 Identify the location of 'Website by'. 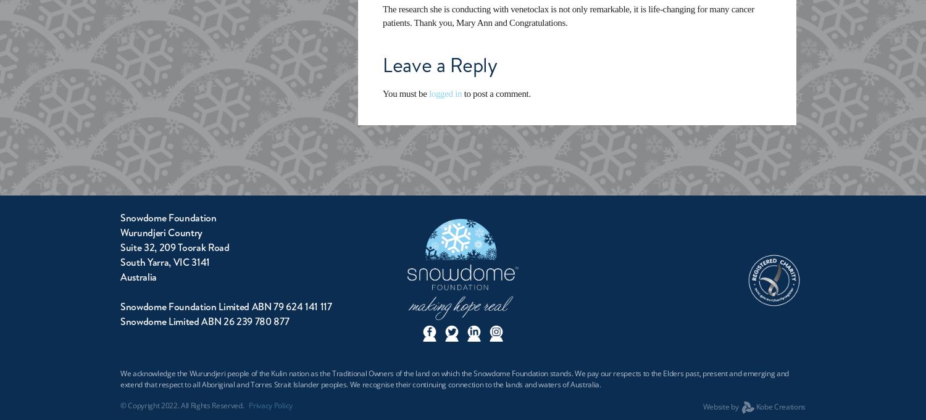
(721, 406).